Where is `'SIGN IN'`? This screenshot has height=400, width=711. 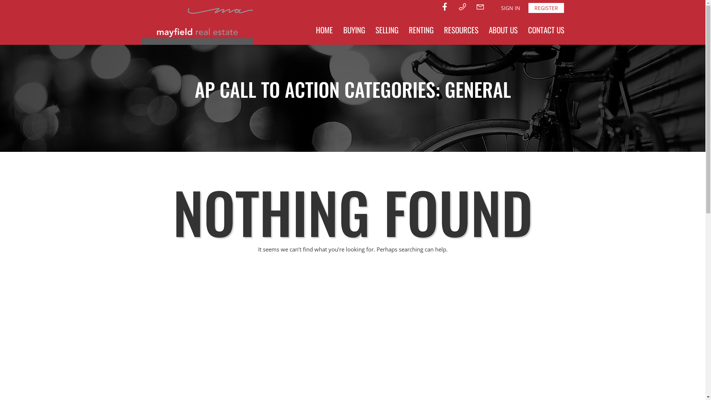
'SIGN IN' is located at coordinates (510, 8).